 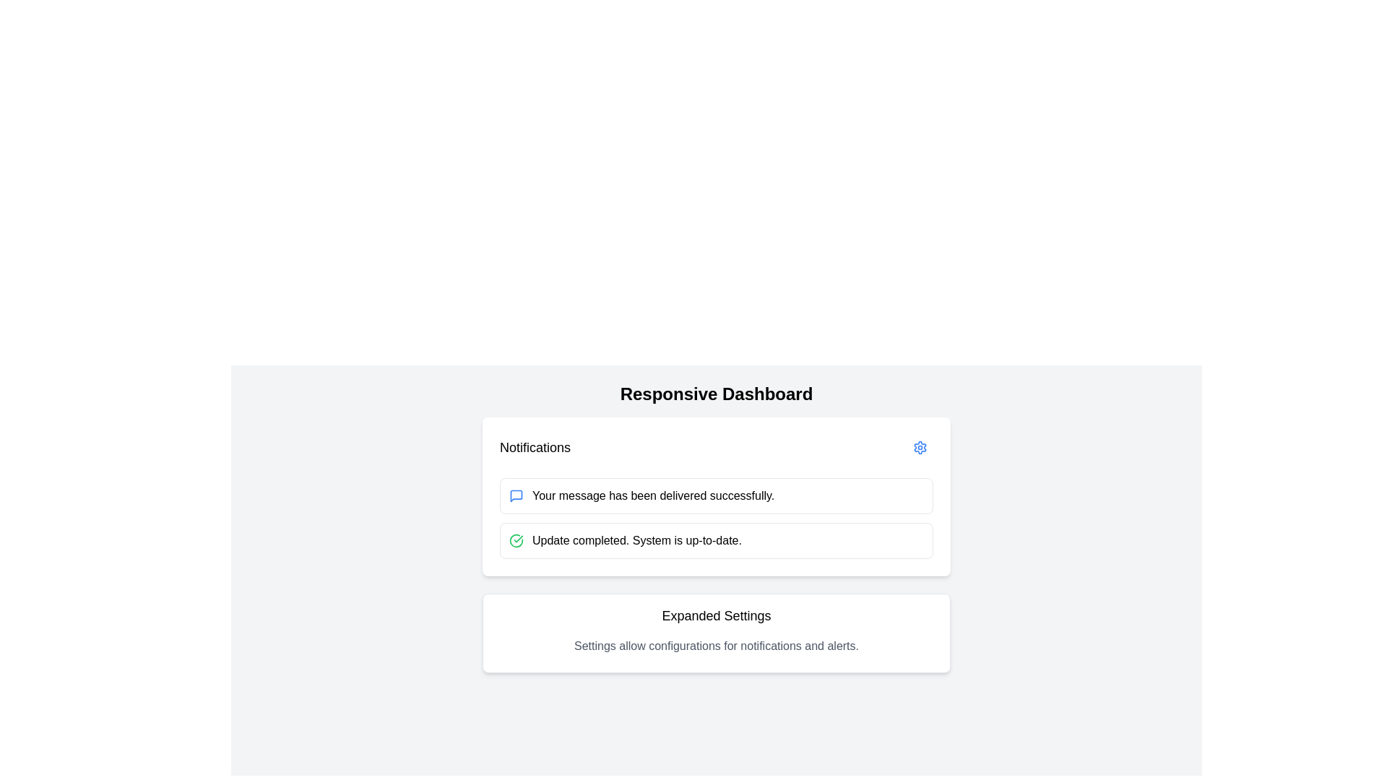 I want to click on the non-interactive graphical icon used for visual representation of a message or notification feature, located in the top-right section of the interface adjacent to the 'Notifications' heading, so click(x=517, y=495).